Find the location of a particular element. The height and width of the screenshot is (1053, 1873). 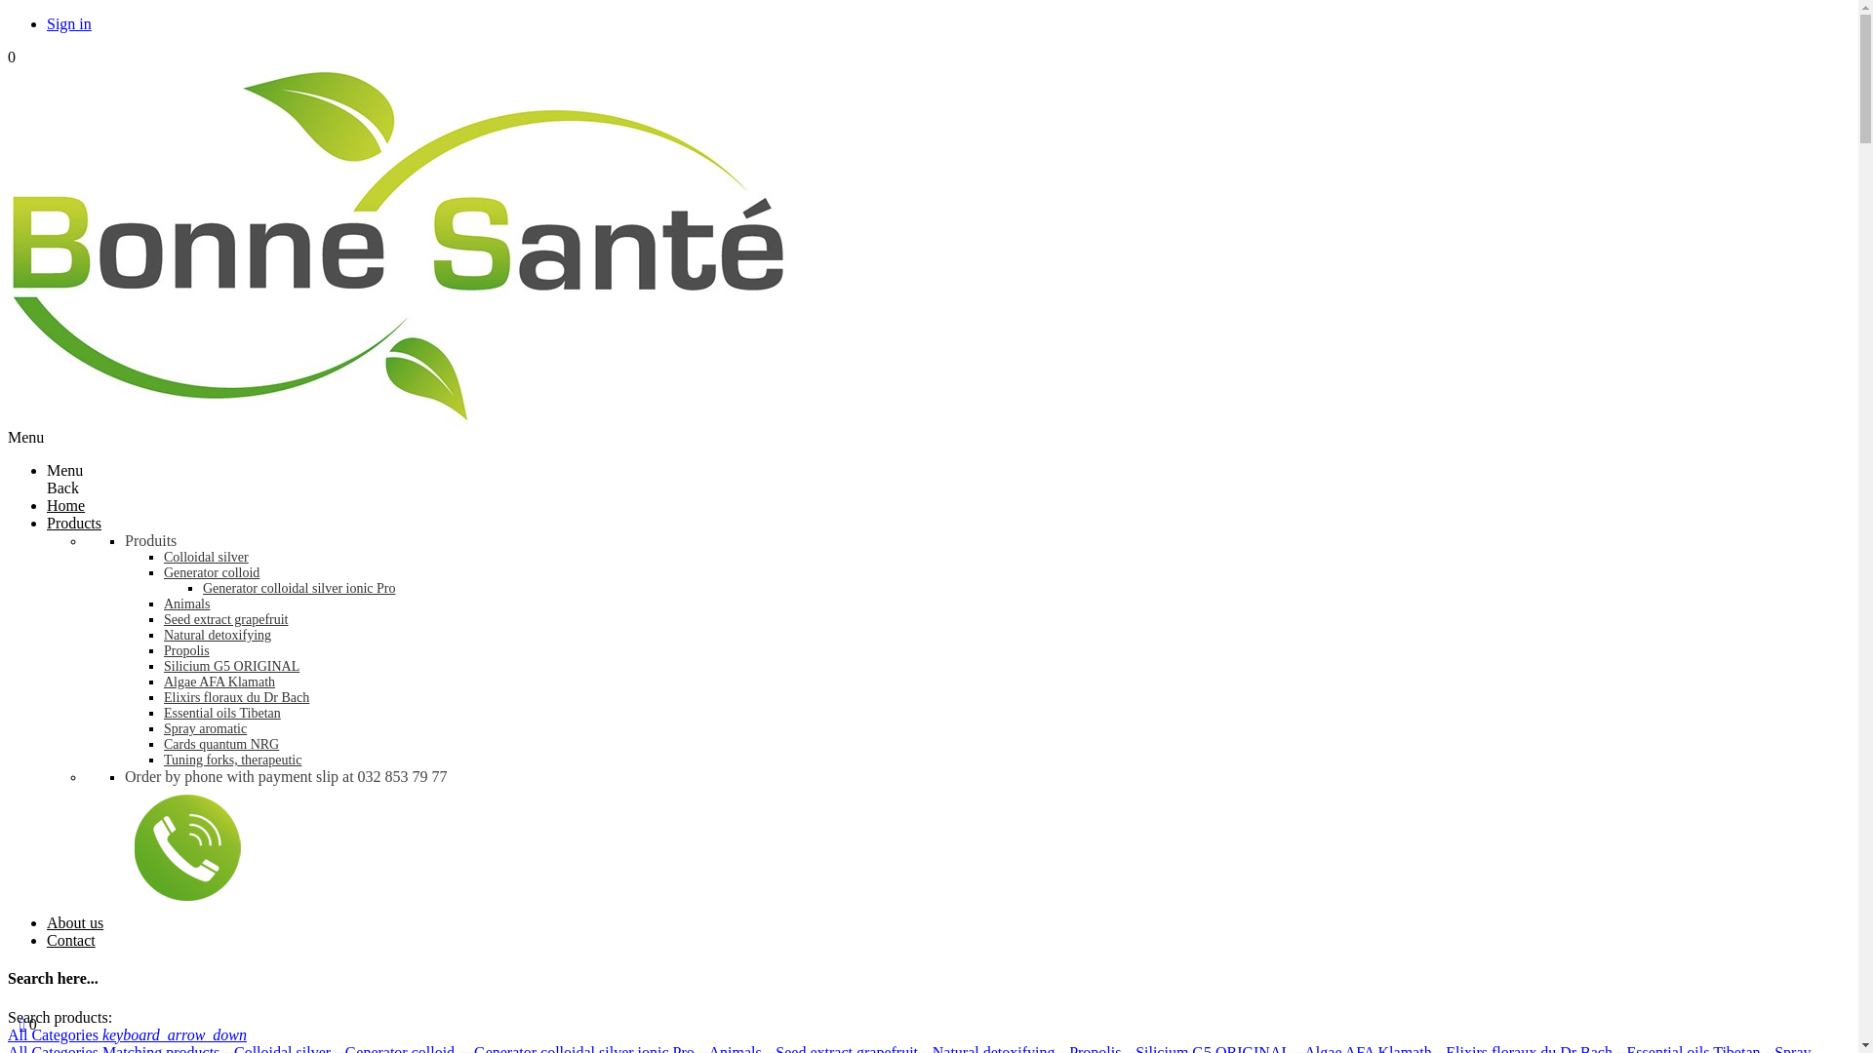

'Tuning forks, therapeutic' is located at coordinates (232, 759).